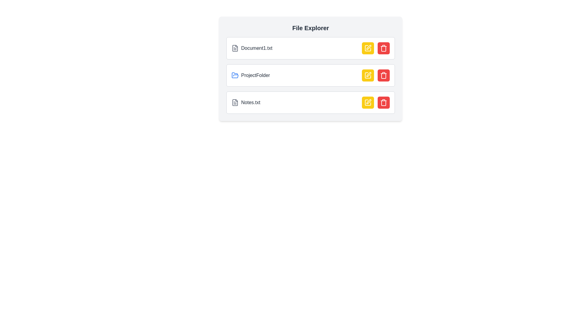 This screenshot has height=326, width=581. What do you see at coordinates (383, 48) in the screenshot?
I see `the red delete button with a white trash icon located in the rightmost column of the first row to issue a delete command for the associated item` at bounding box center [383, 48].